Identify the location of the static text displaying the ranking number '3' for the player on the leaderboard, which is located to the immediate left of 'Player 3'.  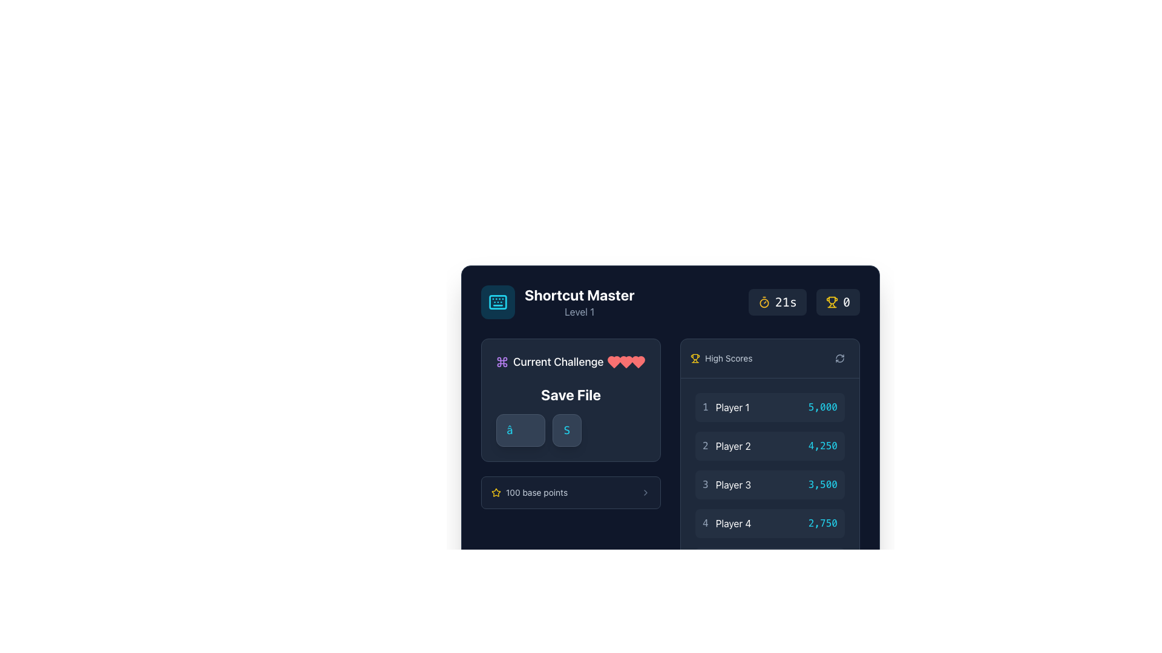
(705, 484).